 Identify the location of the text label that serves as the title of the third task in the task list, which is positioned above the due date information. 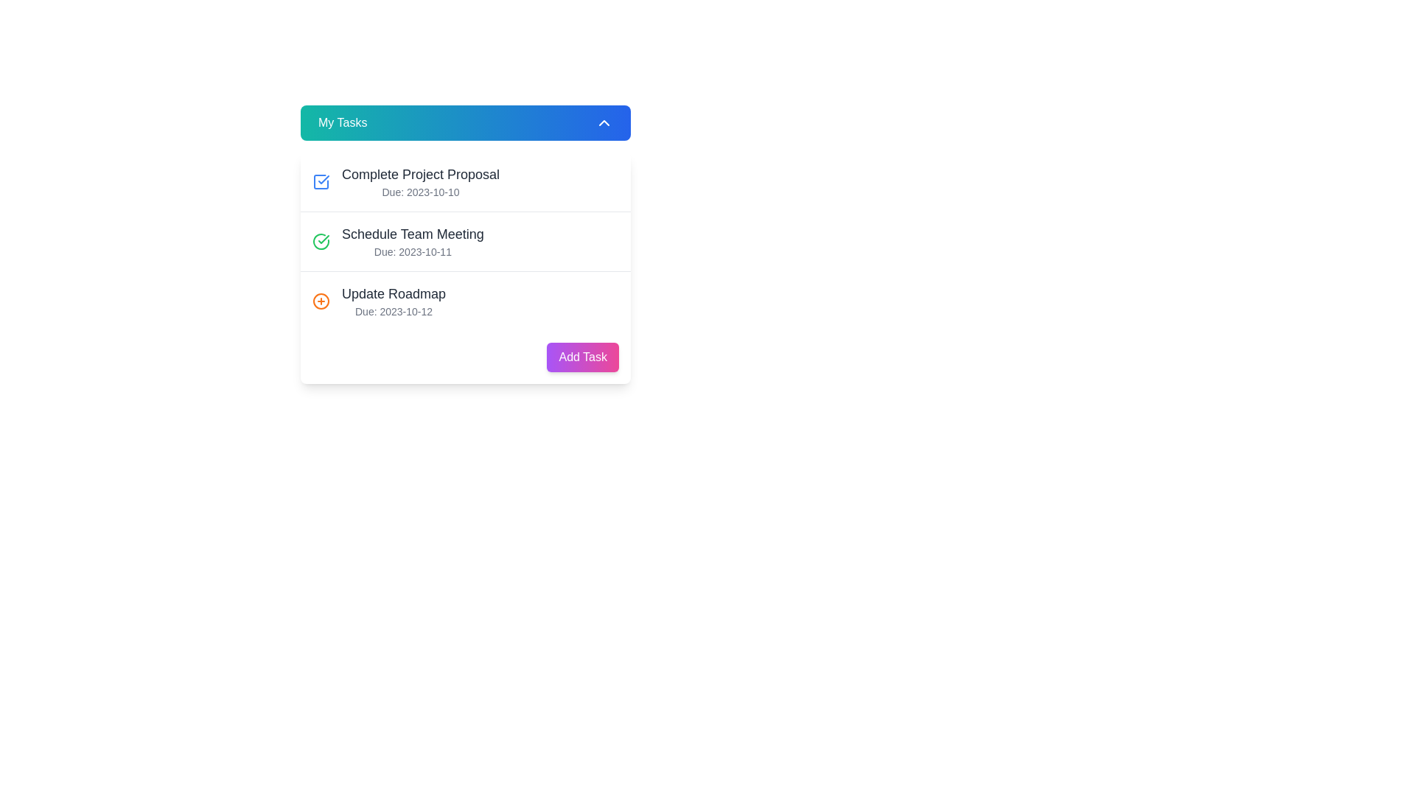
(394, 293).